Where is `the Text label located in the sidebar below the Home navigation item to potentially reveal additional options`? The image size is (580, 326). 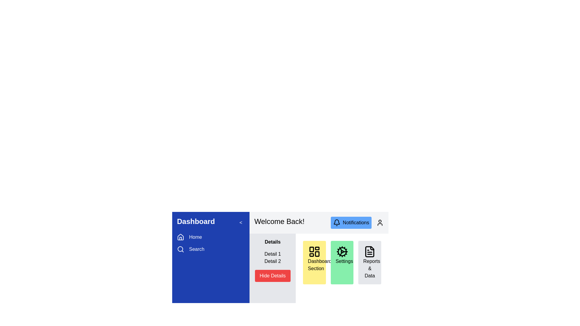
the Text label located in the sidebar below the Home navigation item to potentially reveal additional options is located at coordinates (197, 249).